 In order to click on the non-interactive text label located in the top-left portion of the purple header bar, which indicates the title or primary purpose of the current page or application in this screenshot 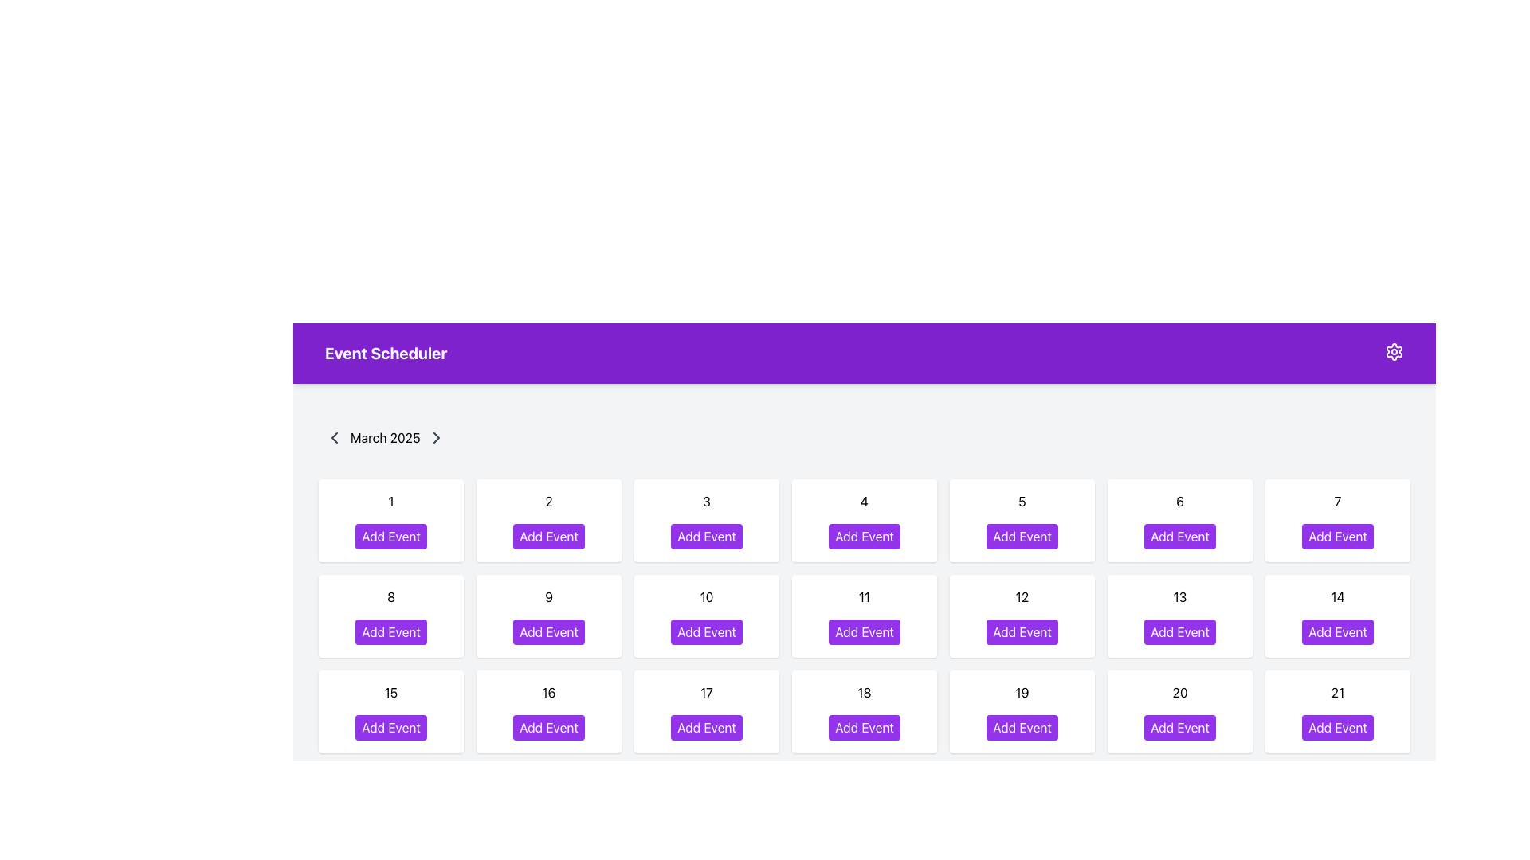, I will do `click(386, 352)`.